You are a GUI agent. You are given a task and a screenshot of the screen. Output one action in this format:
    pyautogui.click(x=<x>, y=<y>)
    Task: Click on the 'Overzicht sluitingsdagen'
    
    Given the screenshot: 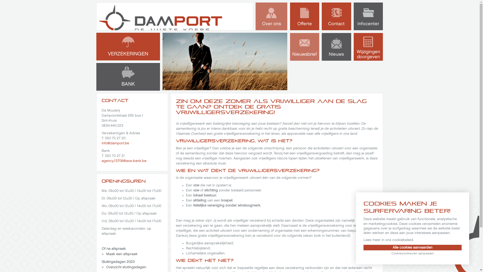 What is the action you would take?
    pyautogui.click(x=124, y=267)
    